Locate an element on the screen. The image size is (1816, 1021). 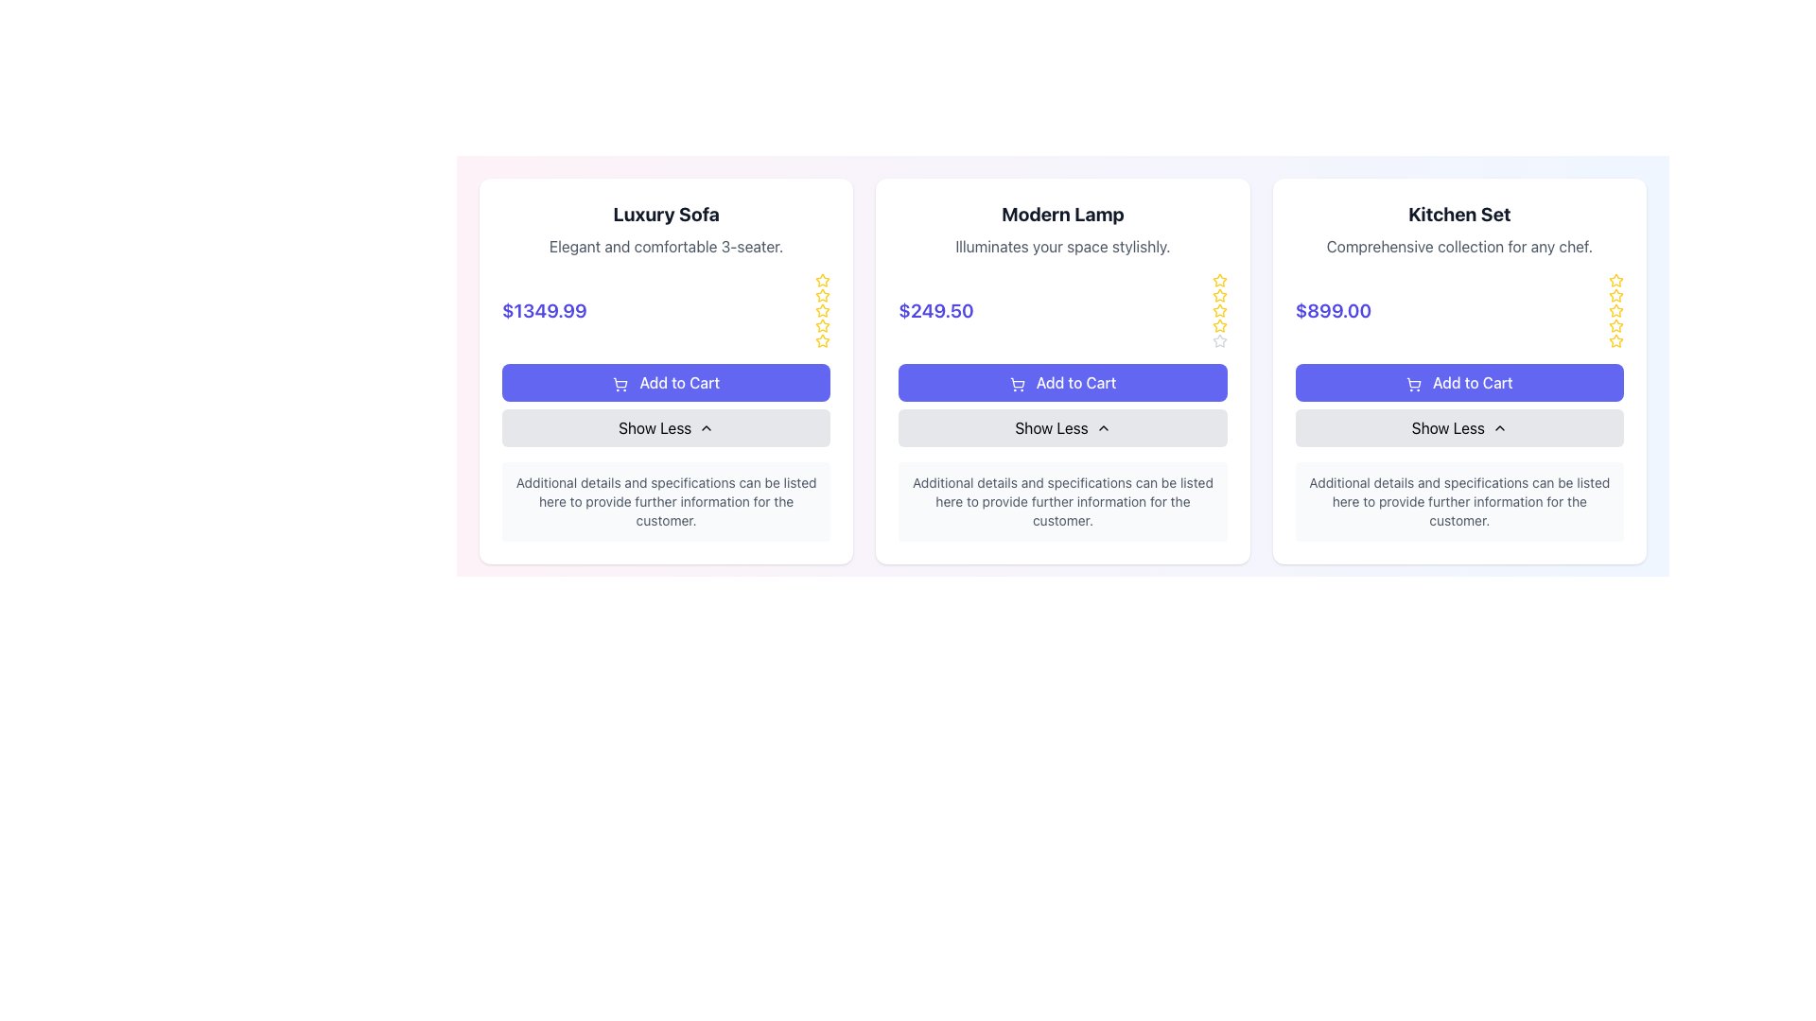
the shopping cart icon located within the 'Add to Cart' button of the third card for the 'Kitchen Set' product is located at coordinates (1413, 383).